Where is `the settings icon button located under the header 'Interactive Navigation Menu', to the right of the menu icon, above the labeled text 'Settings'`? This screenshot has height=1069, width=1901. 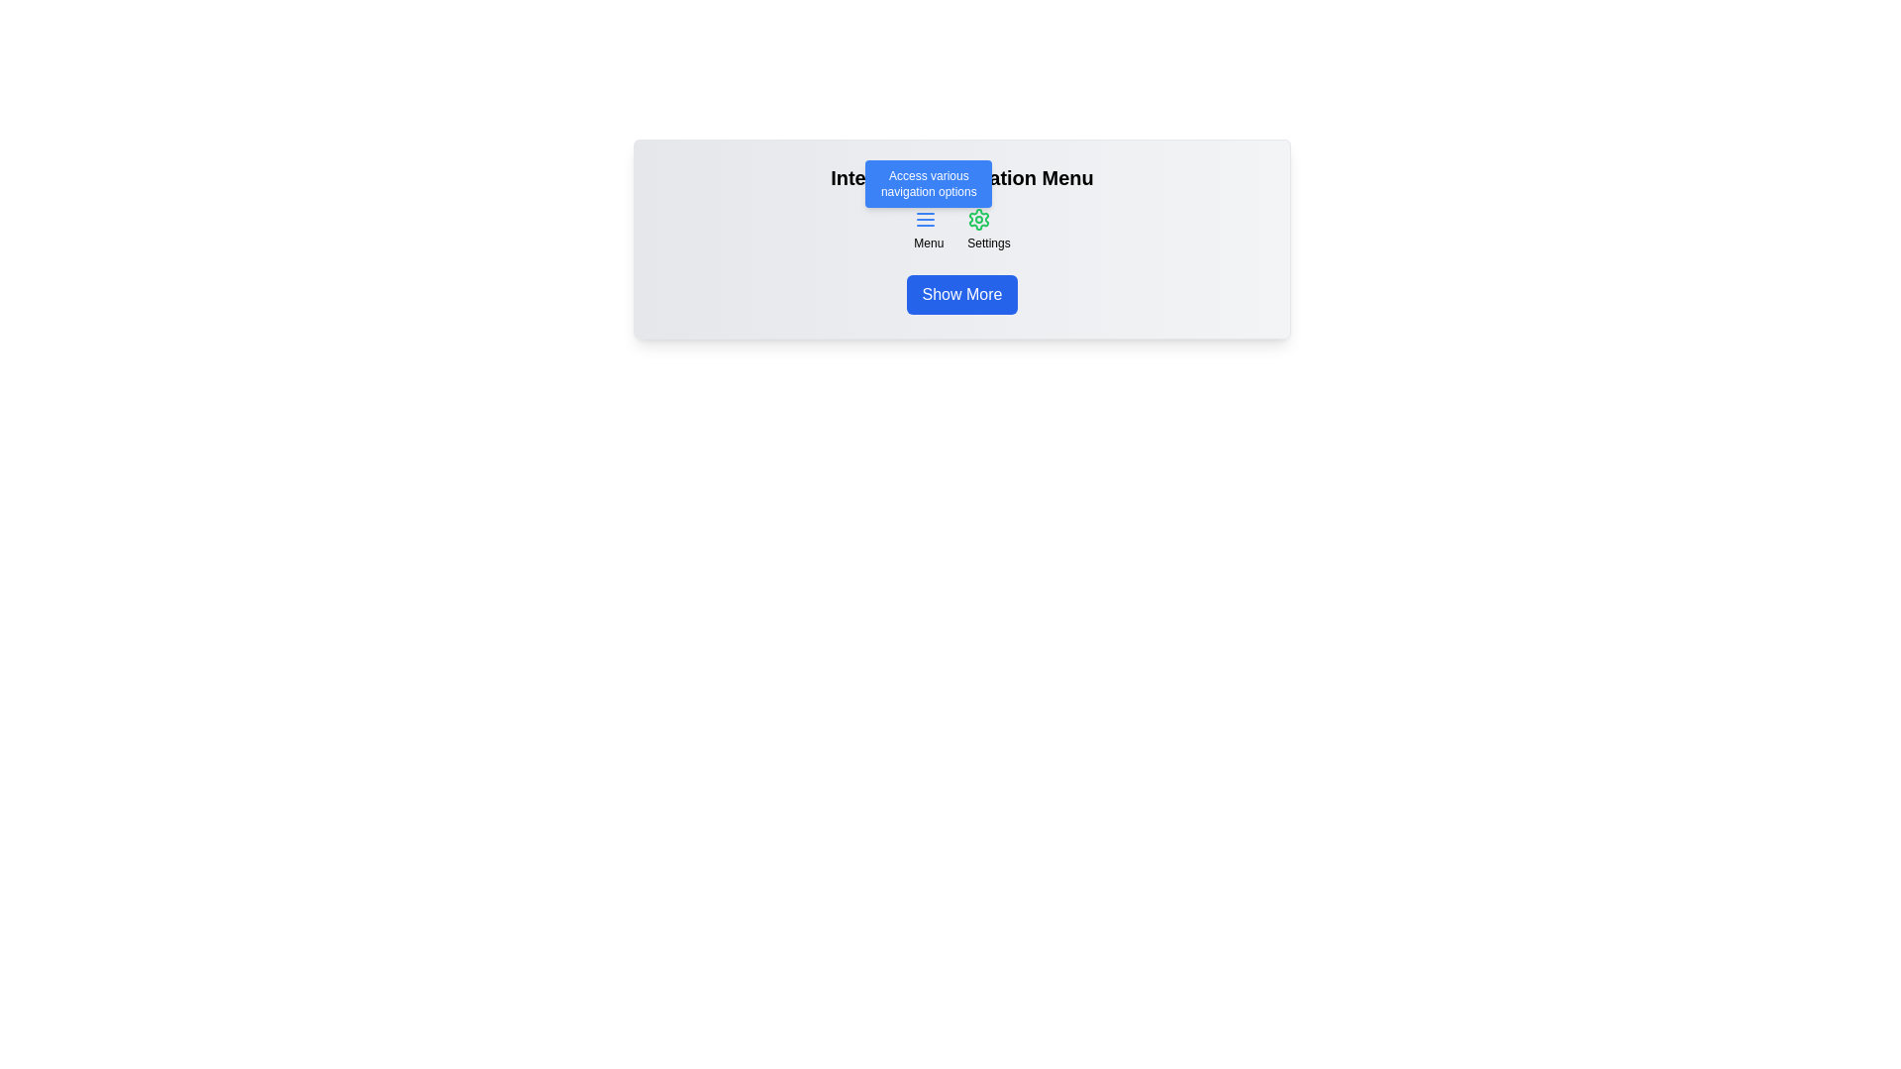 the settings icon button located under the header 'Interactive Navigation Menu', to the right of the menu icon, above the labeled text 'Settings' is located at coordinates (978, 220).